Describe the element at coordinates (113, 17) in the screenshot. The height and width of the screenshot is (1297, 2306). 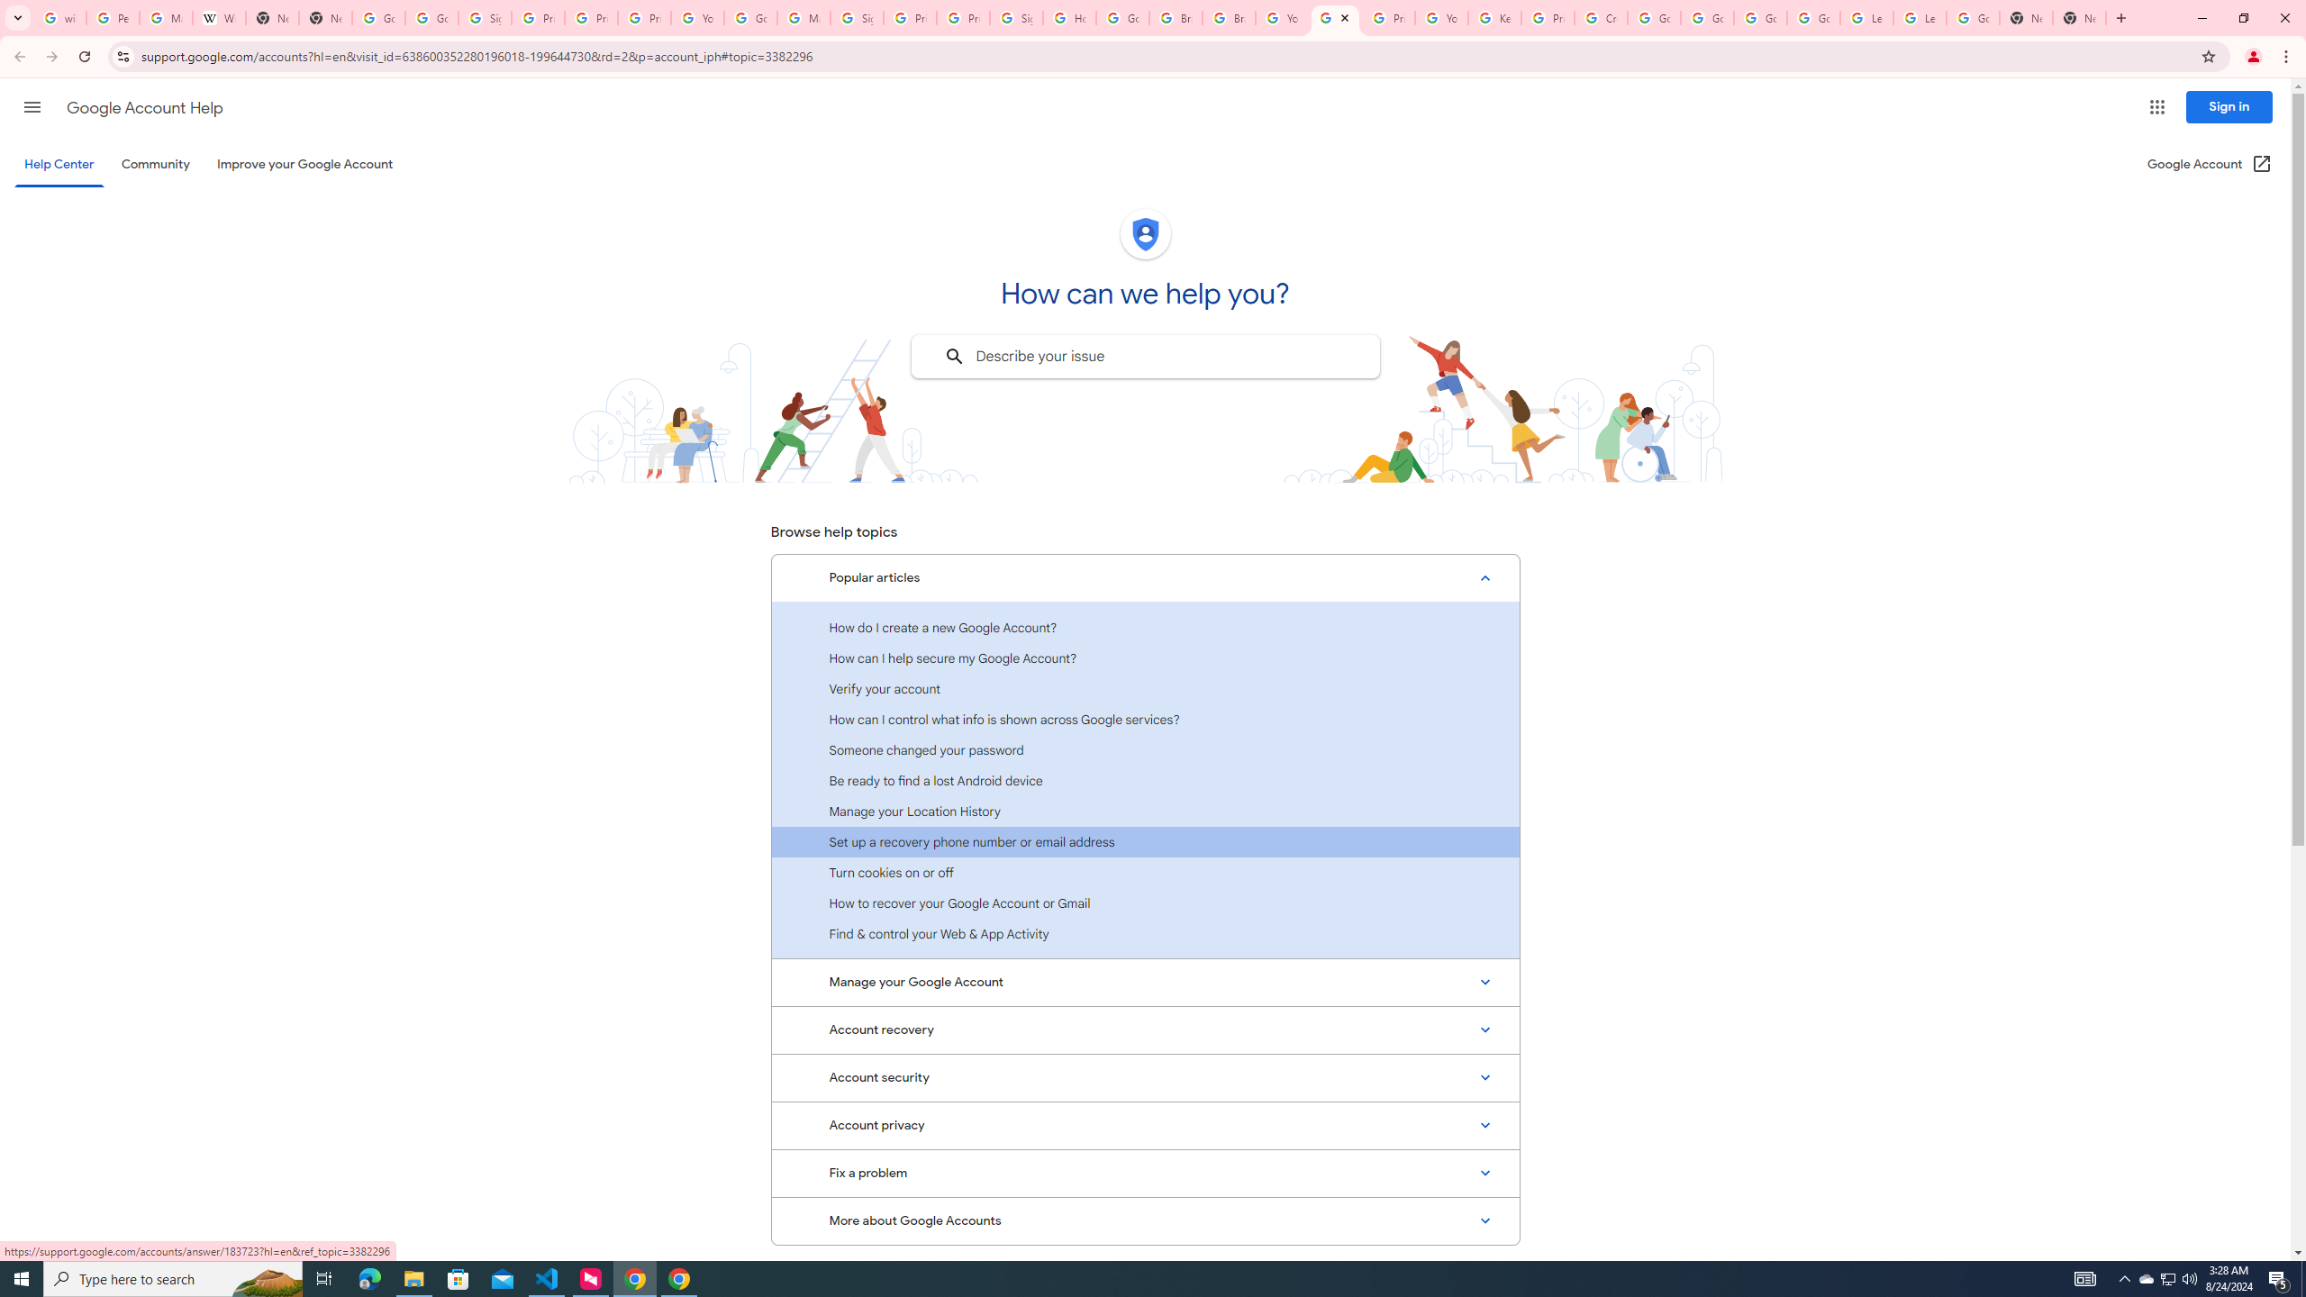
I see `'Personalization & Google Search results - Google Search Help'` at that location.